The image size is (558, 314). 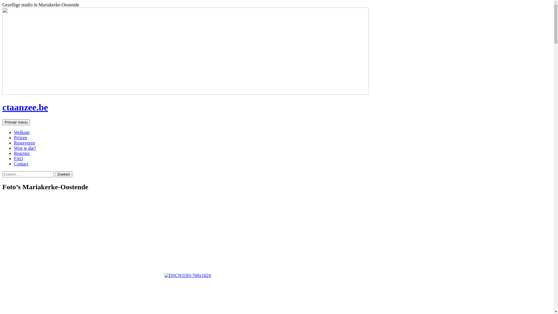 I want to click on 'Reserveren', so click(x=24, y=143).